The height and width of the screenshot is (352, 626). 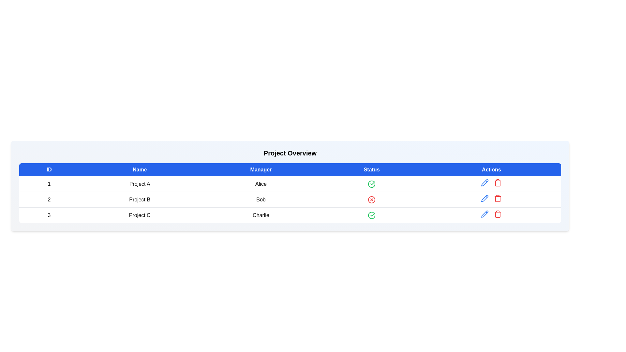 What do you see at coordinates (498, 198) in the screenshot?
I see `the red trash can icon` at bounding box center [498, 198].